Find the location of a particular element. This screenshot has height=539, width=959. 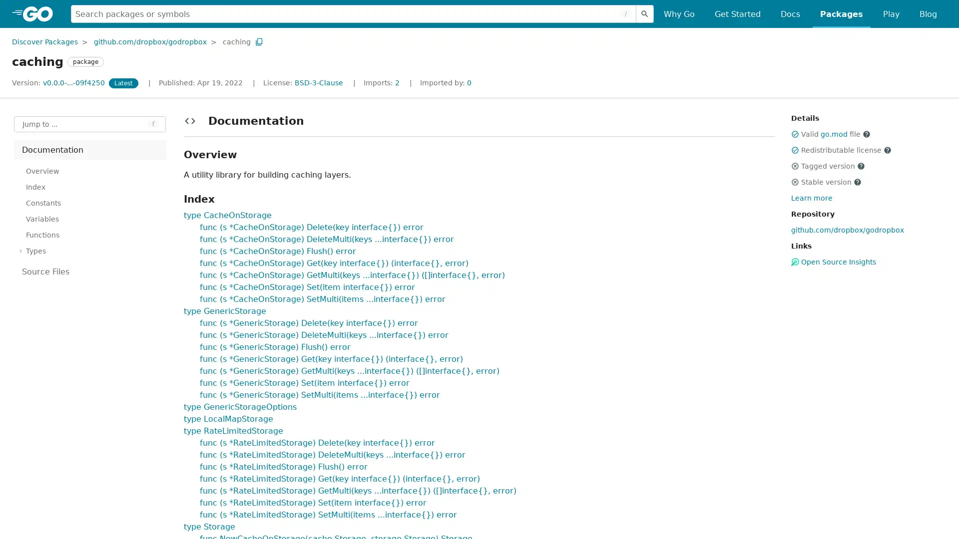

Submit search is located at coordinates (645, 13).